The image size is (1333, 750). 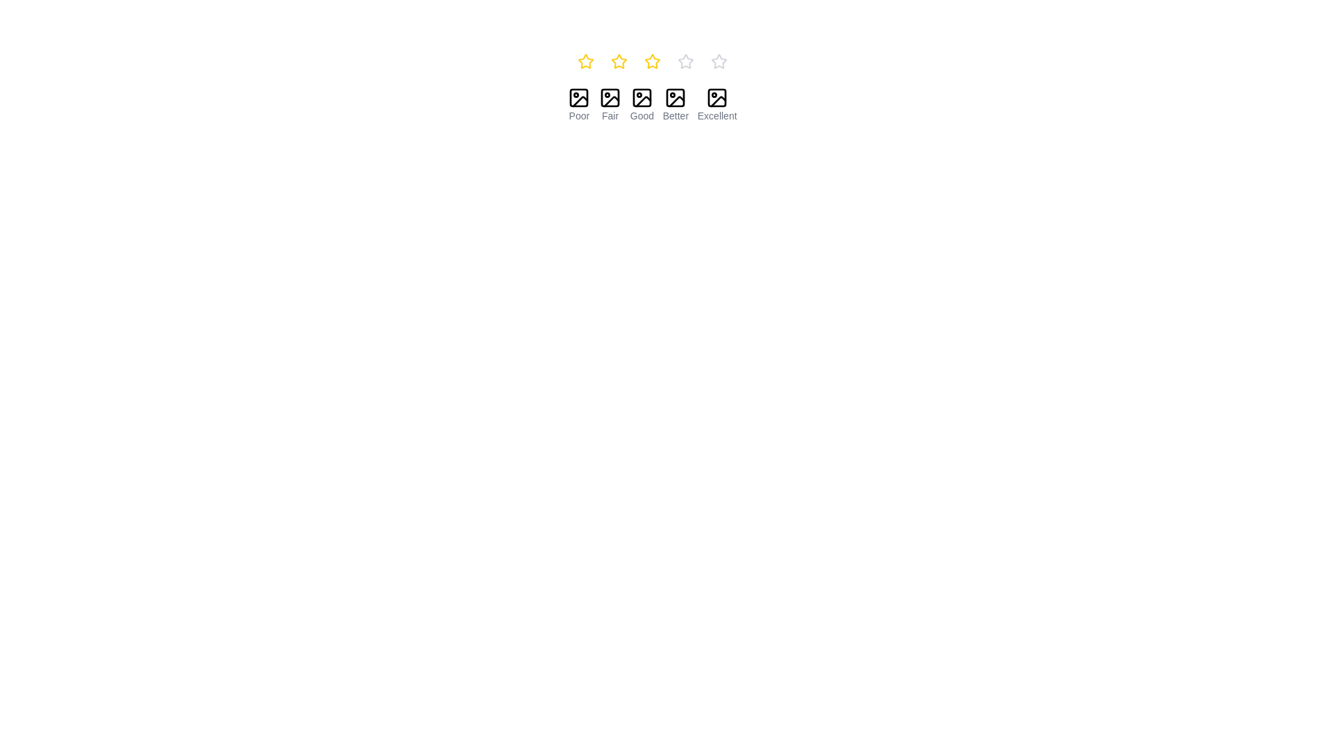 What do you see at coordinates (619, 60) in the screenshot?
I see `the second star icon in the rating system` at bounding box center [619, 60].